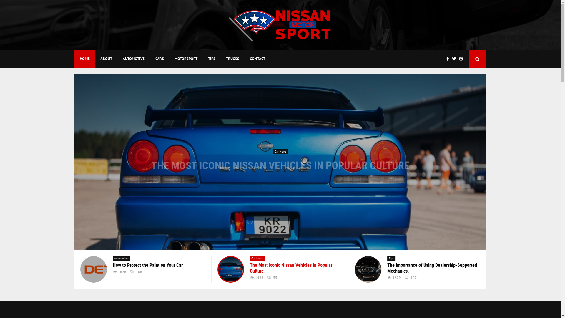 This screenshot has height=318, width=565. I want to click on 'CARS', so click(159, 59).